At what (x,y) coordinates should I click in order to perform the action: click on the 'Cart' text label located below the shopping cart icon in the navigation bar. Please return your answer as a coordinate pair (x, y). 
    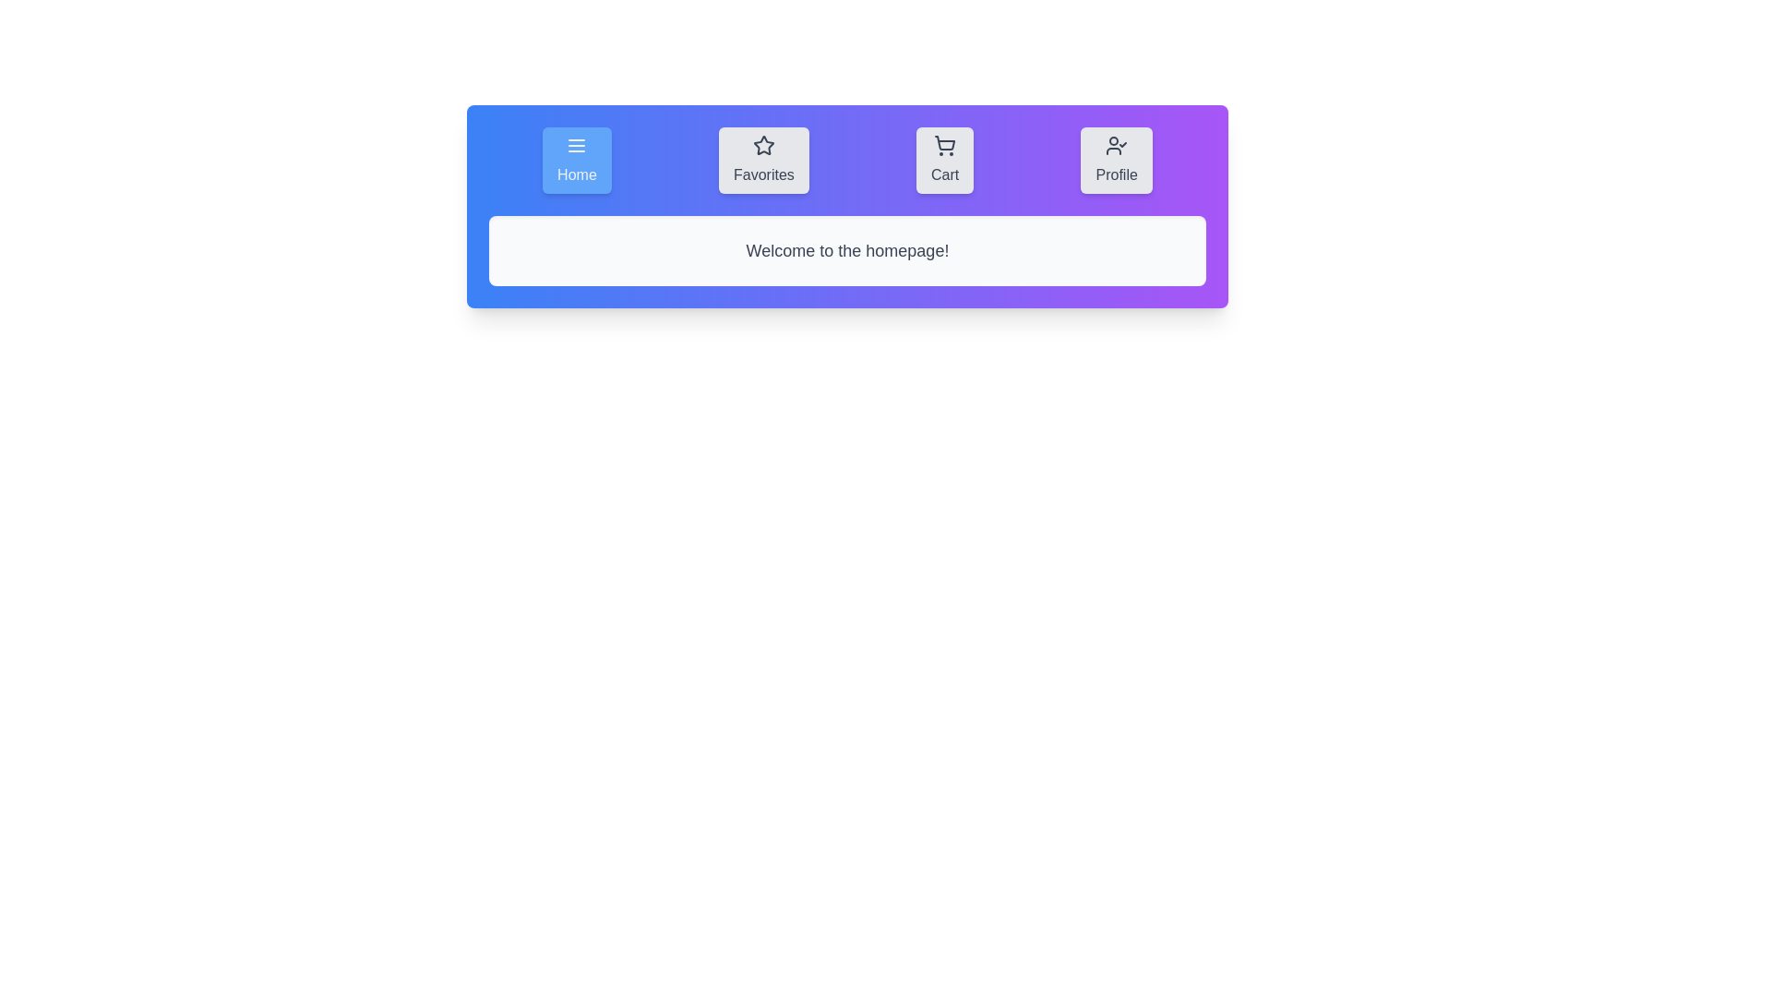
    Looking at the image, I should click on (945, 174).